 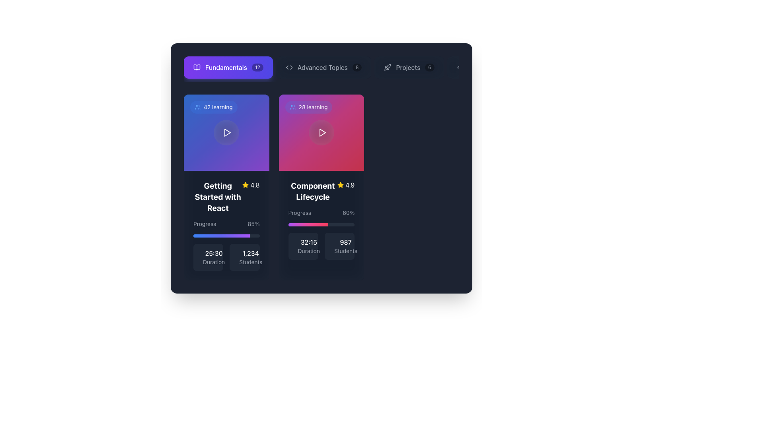 I want to click on the text label that indicates the meaning of the associated time value '25:30', located below it in the card component in the second column of the layout, so click(x=214, y=262).